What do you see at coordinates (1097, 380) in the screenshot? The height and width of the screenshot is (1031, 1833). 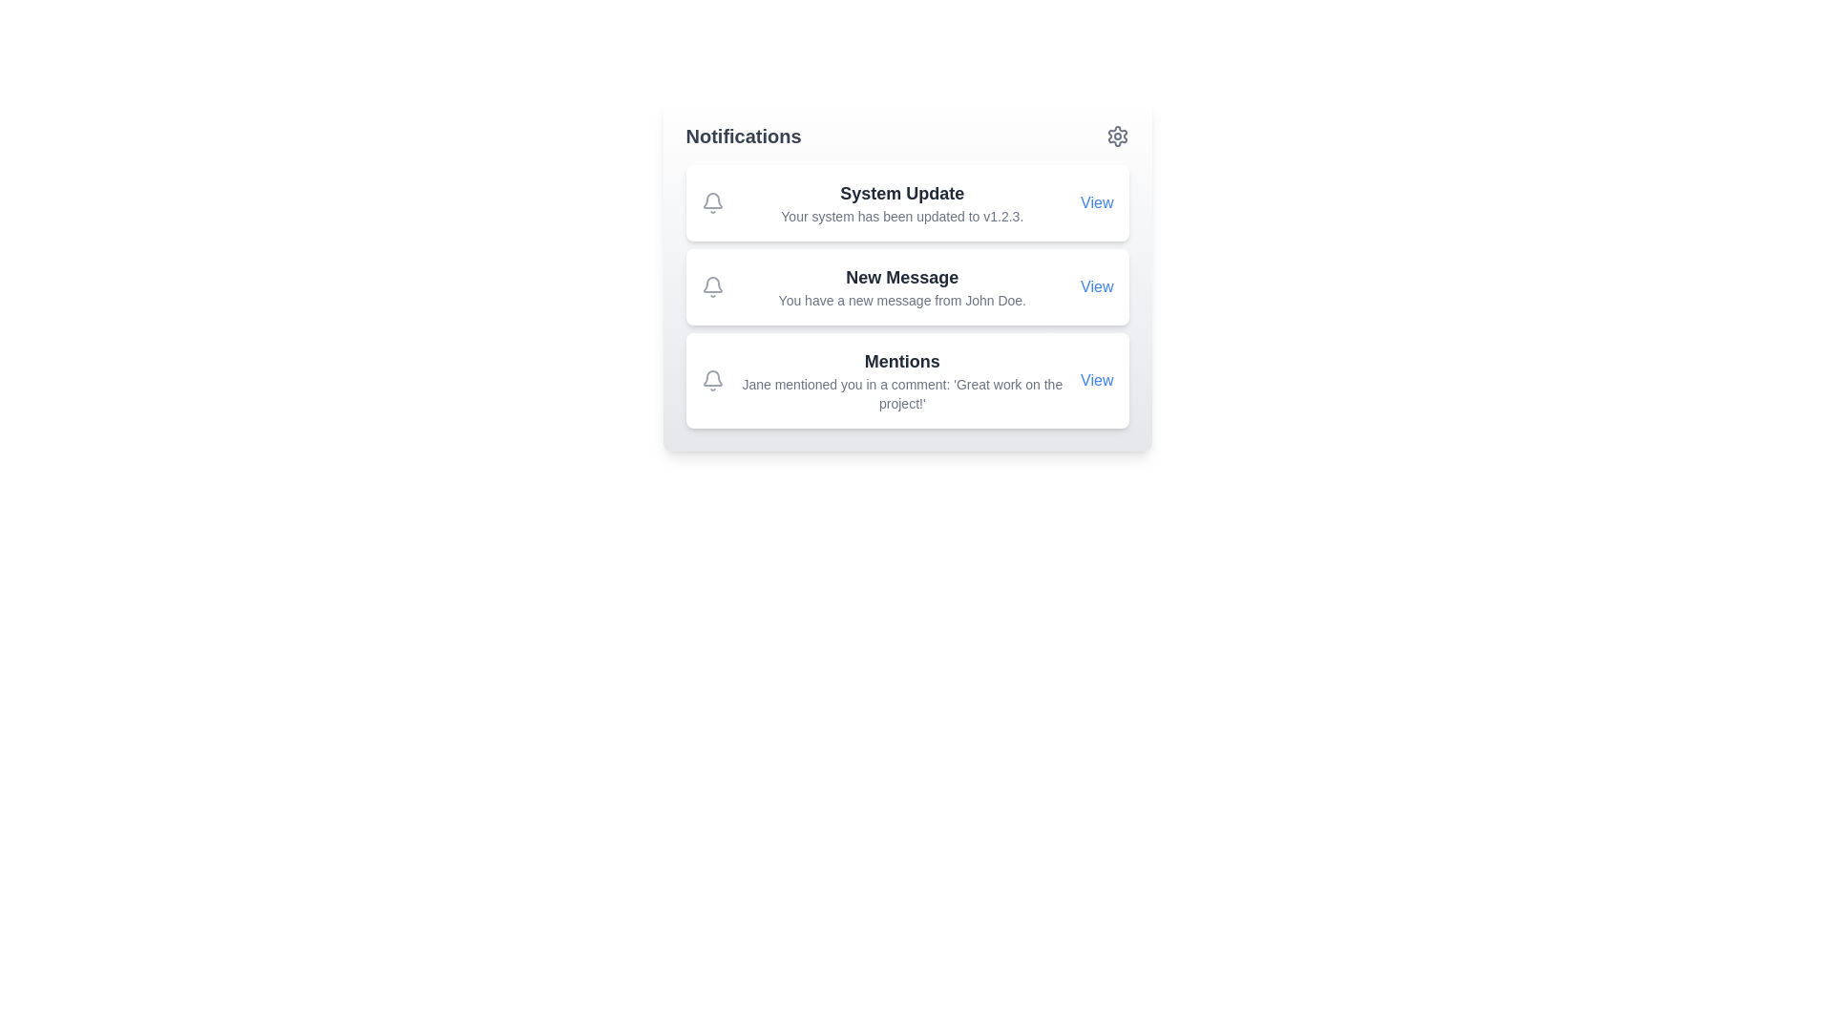 I see `'View' button for the notification titled 'Mentions'` at bounding box center [1097, 380].